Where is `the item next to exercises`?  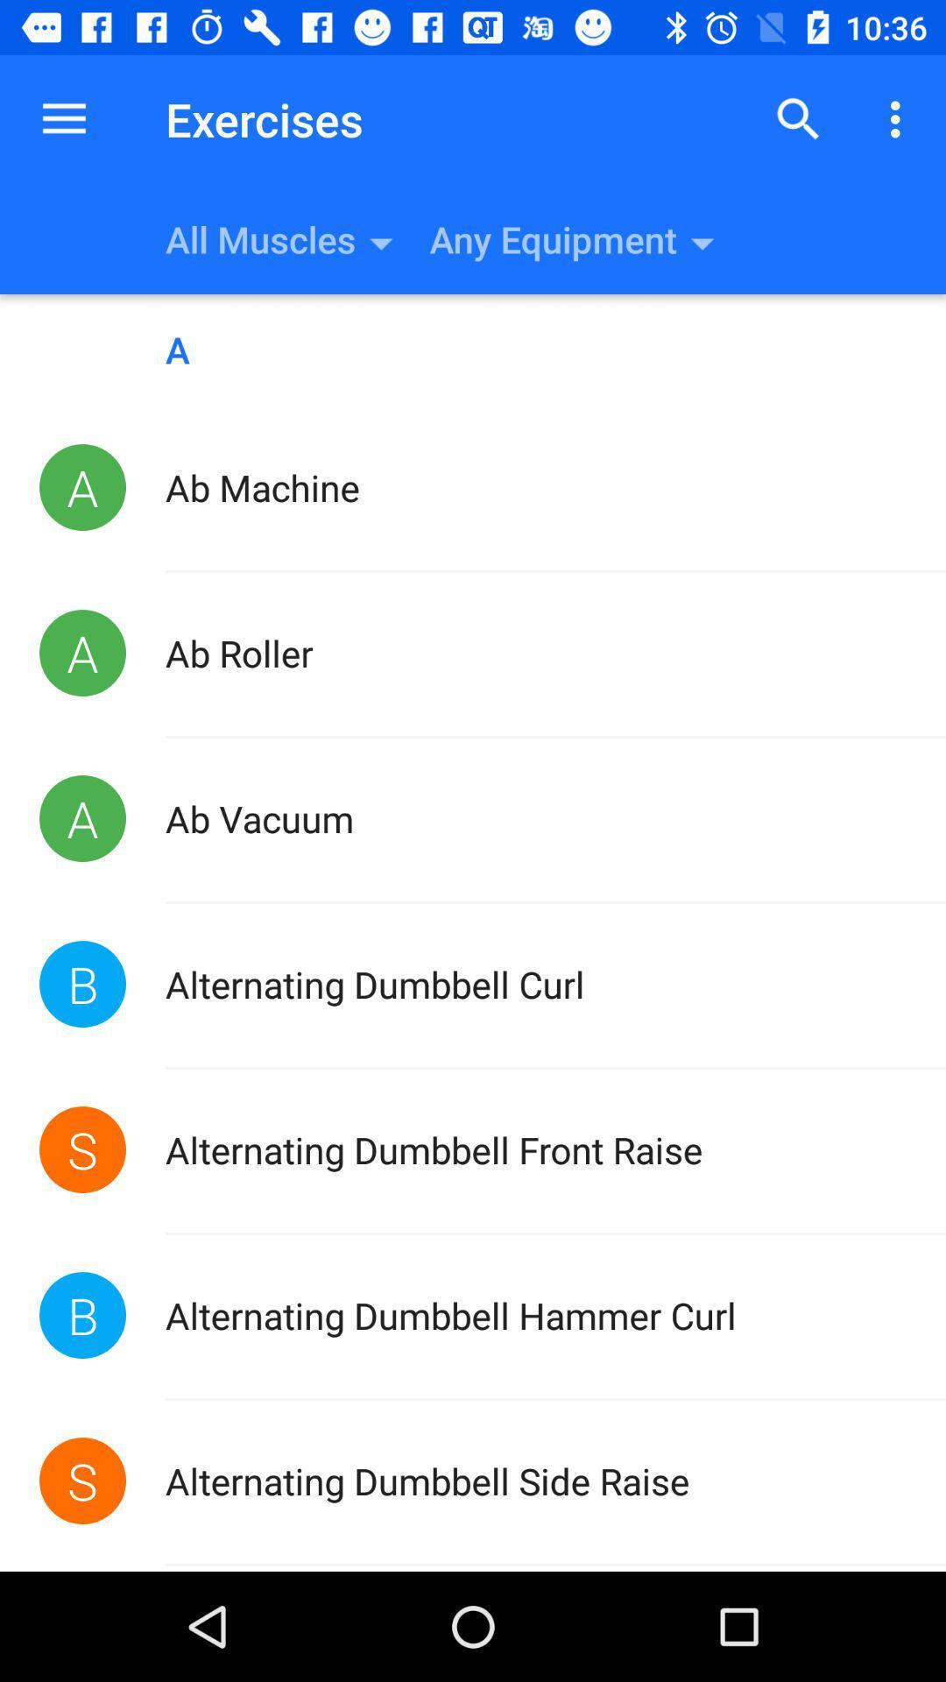
the item next to exercises is located at coordinates (798, 118).